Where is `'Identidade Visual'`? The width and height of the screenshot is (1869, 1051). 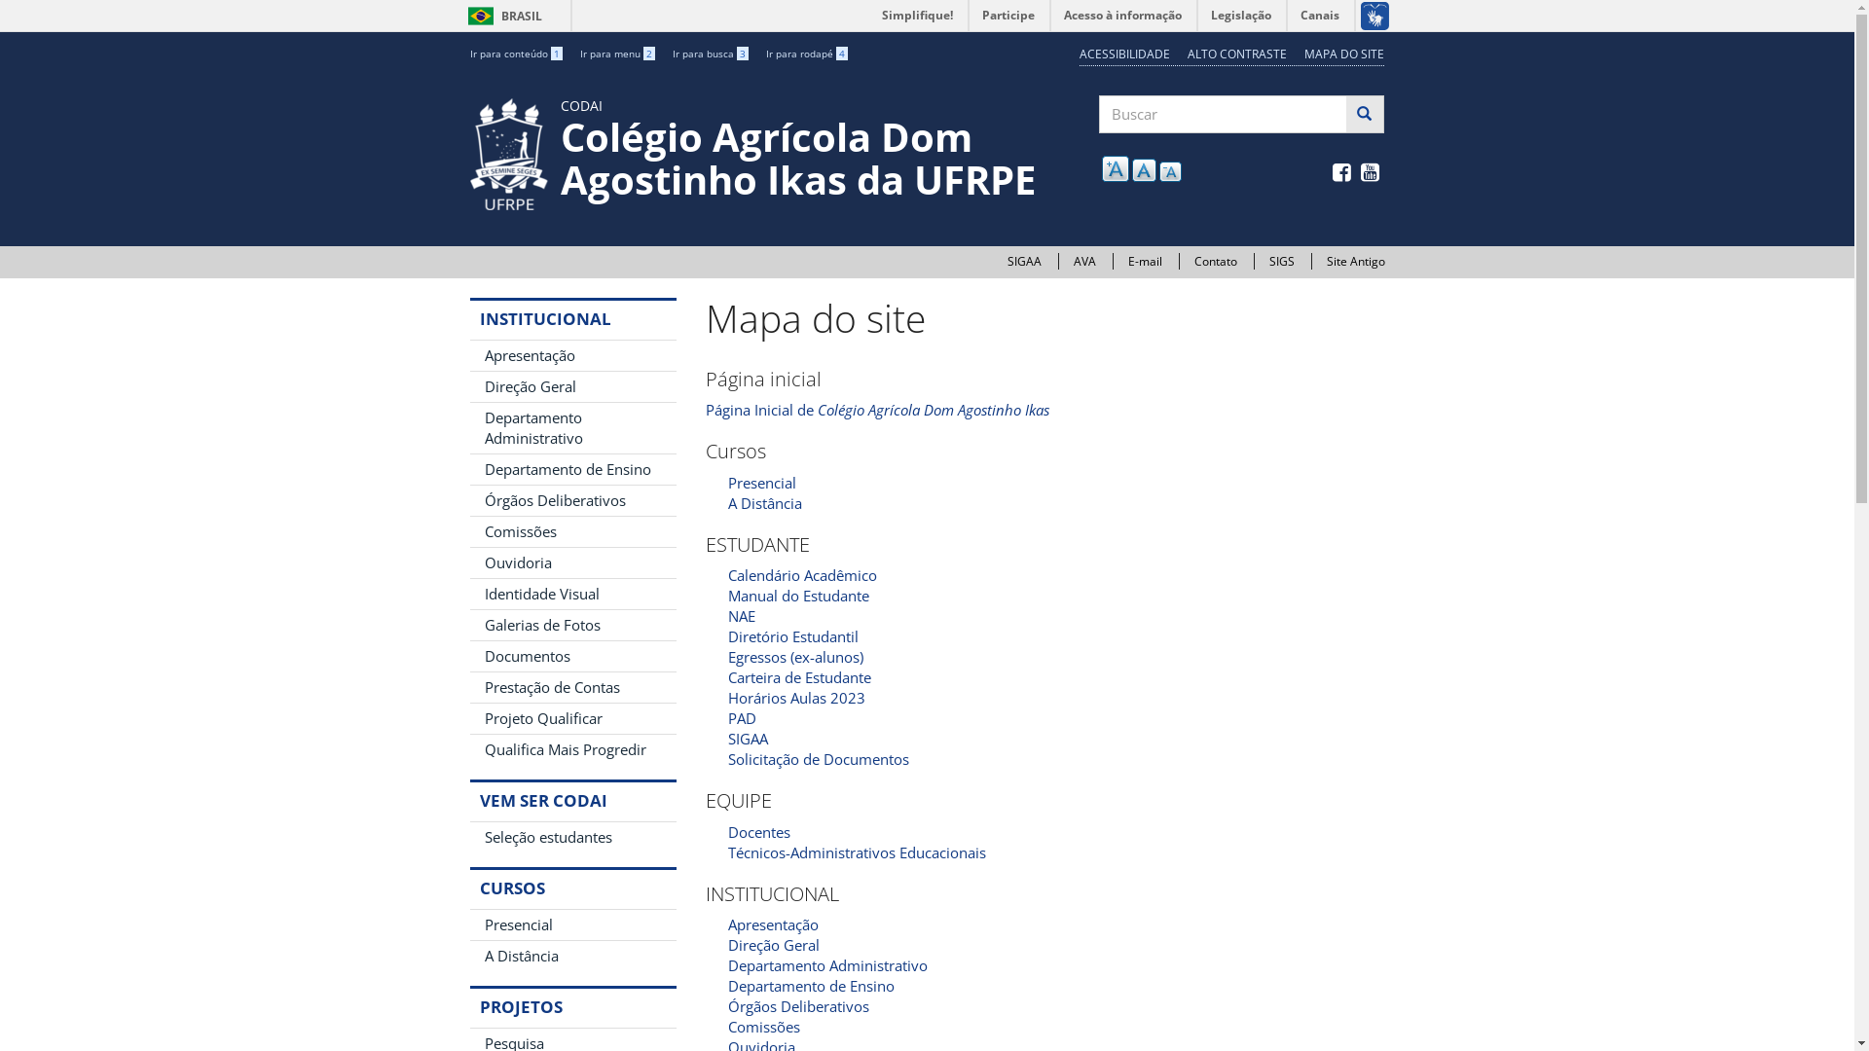
'Identidade Visual' is located at coordinates (571, 593).